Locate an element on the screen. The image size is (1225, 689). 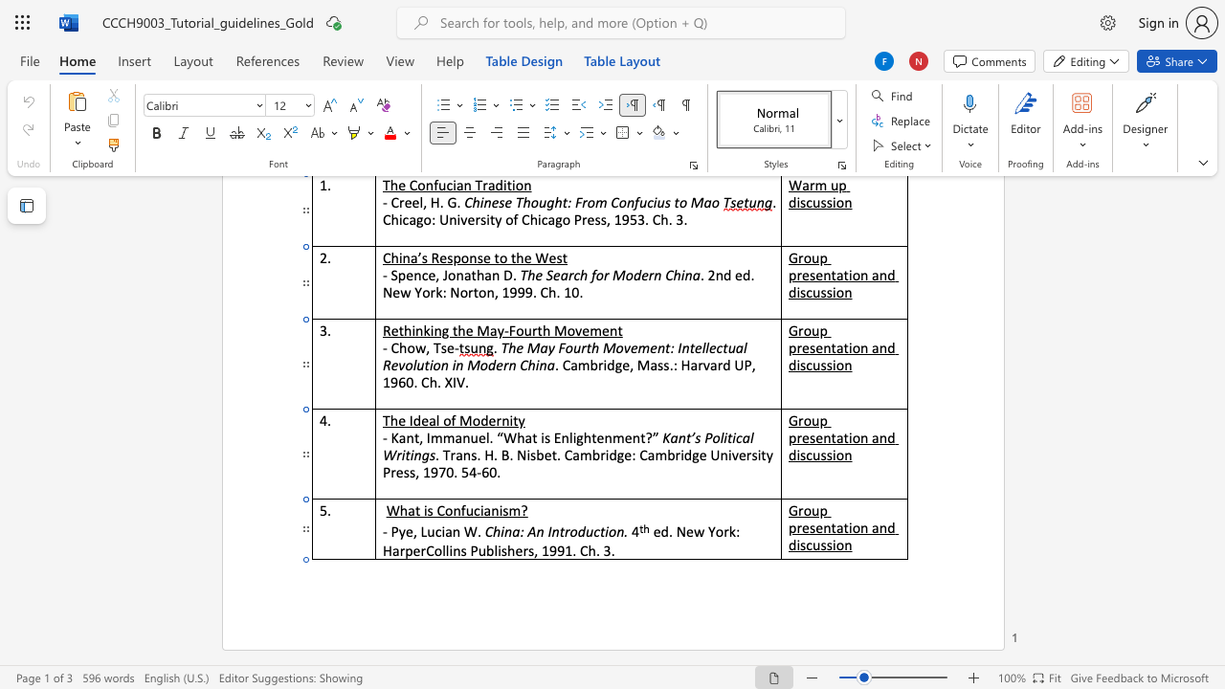
the 3th character "i" in the text is located at coordinates (834, 545).